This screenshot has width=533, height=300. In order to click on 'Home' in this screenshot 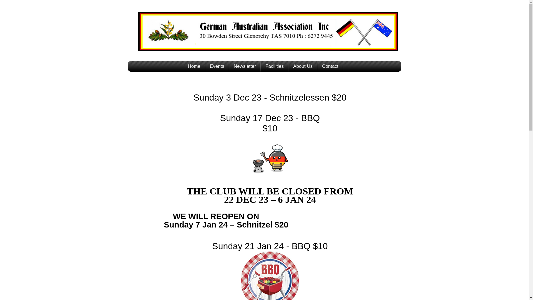, I will do `click(194, 66)`.